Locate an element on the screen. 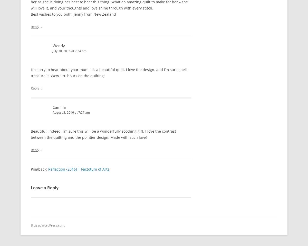 The height and width of the screenshot is (246, 308). 'Pingback:' is located at coordinates (39, 169).